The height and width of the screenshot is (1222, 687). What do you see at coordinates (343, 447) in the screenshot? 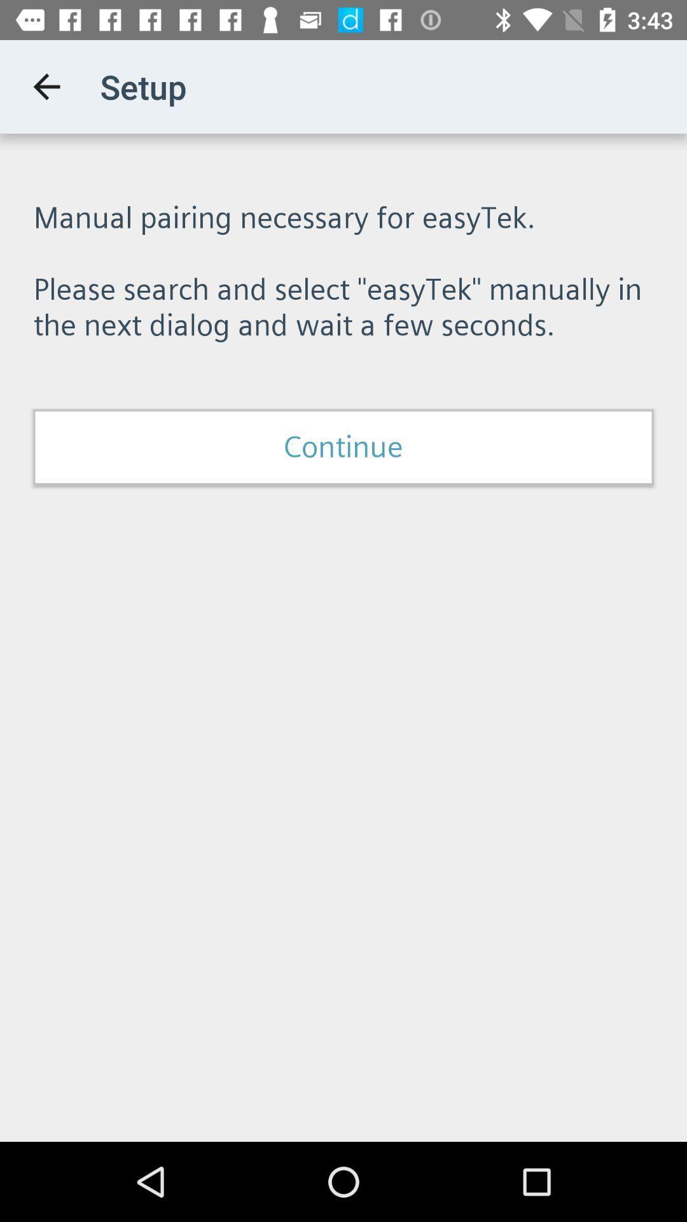
I see `continue icon` at bounding box center [343, 447].